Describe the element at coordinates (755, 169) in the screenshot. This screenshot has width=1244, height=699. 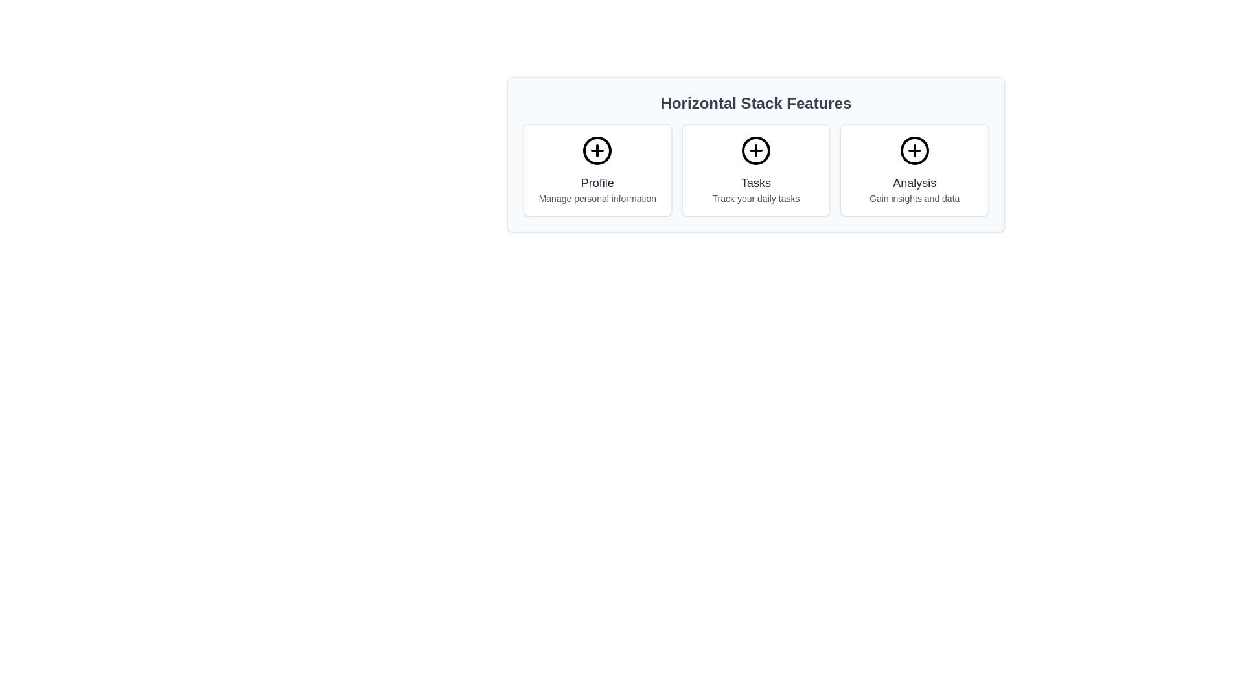
I see `the 'Track your daily tasks' card, which is the second card in a row of three` at that location.